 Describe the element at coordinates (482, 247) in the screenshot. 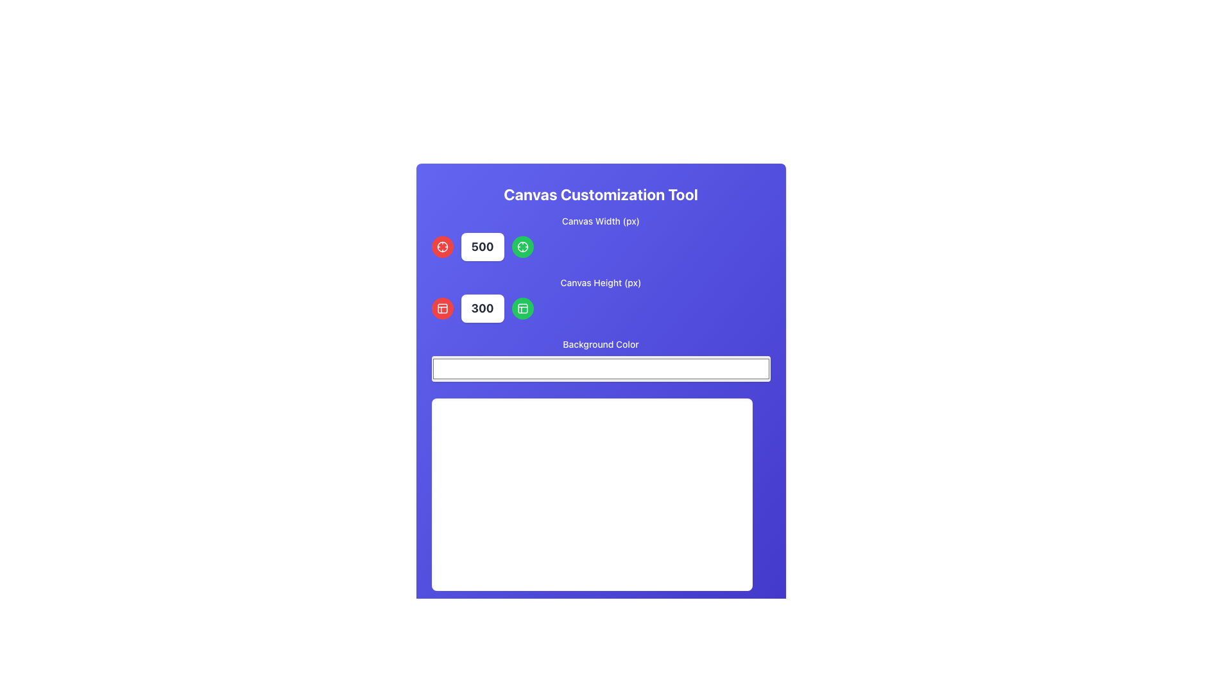

I see `the Text Display Box that indicates the 'Canvas Width' property, located in the first field group labeled 'Canvas Width (px)', centered between a red icon button on the left and a green icon button on the right` at that location.